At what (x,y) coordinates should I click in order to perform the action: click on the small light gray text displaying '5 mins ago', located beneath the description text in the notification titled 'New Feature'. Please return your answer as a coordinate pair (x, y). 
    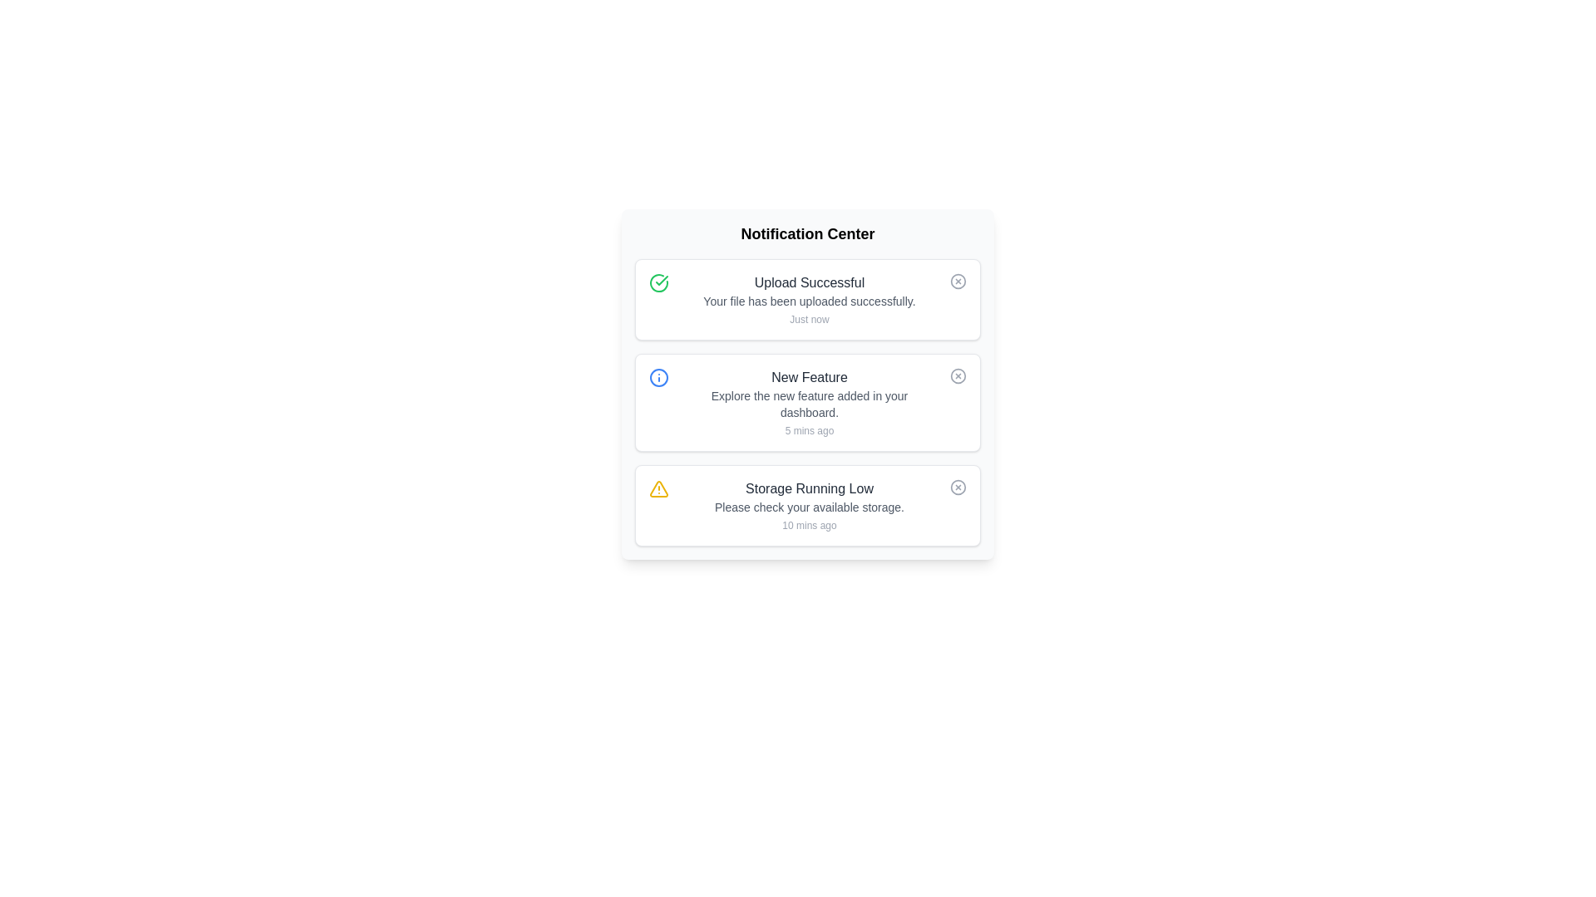
    Looking at the image, I should click on (810, 430).